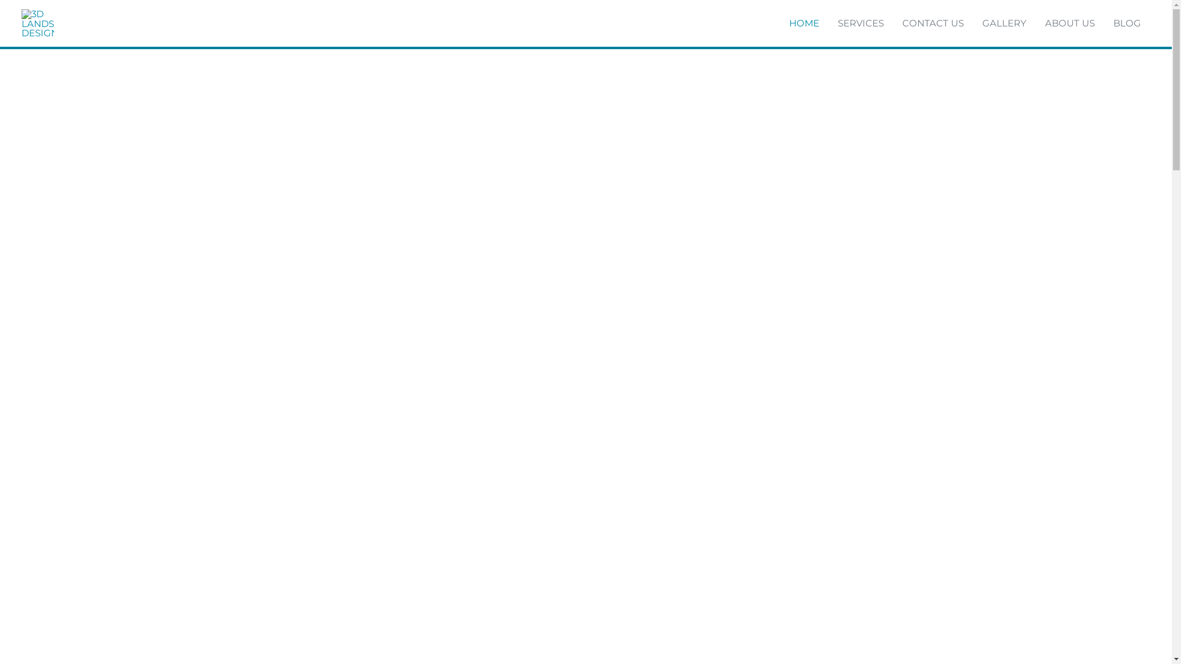 The image size is (1181, 664). Describe the element at coordinates (932, 23) in the screenshot. I see `'CONTACT US'` at that location.